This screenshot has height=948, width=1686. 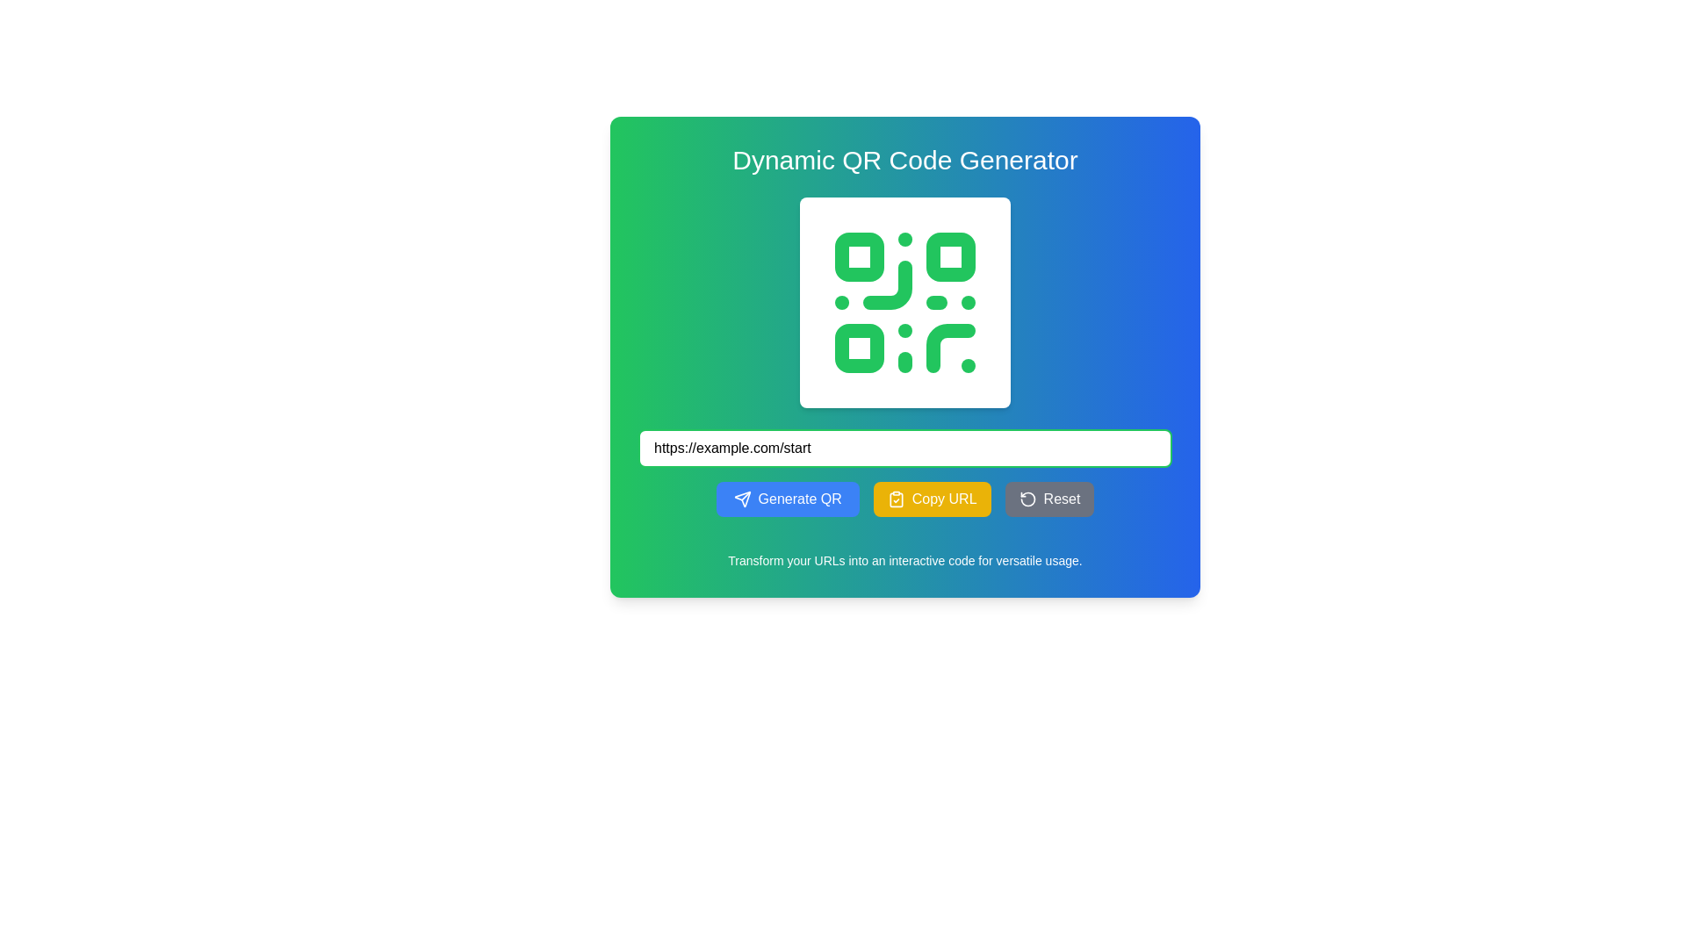 What do you see at coordinates (905, 499) in the screenshot?
I see `the second button in a horizontal arrangement of three buttons located centrally at the bottom of the interface` at bounding box center [905, 499].